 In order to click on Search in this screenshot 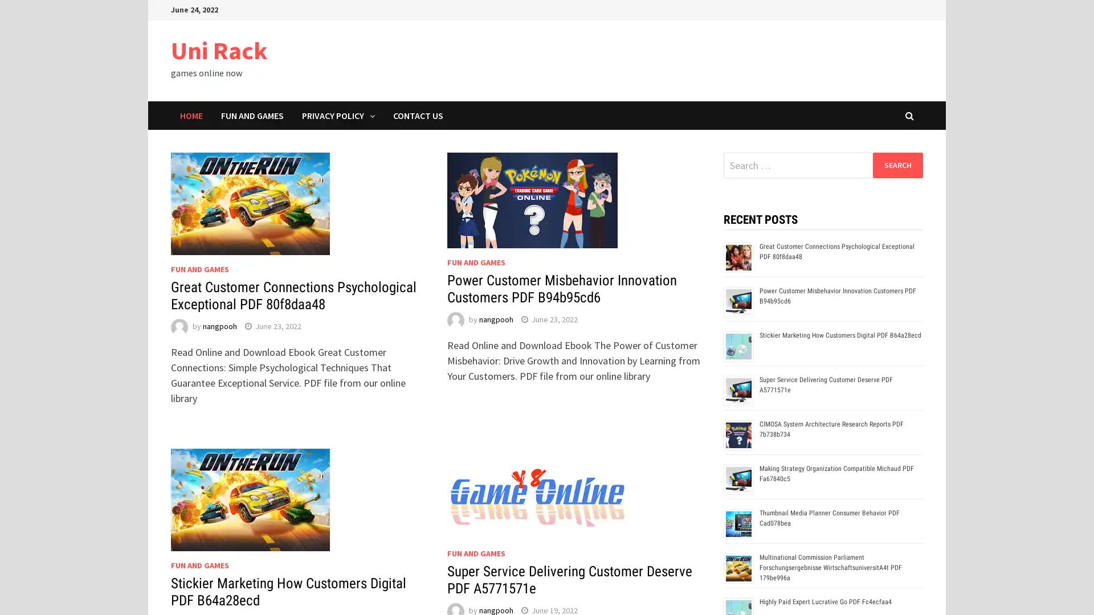, I will do `click(897, 165)`.